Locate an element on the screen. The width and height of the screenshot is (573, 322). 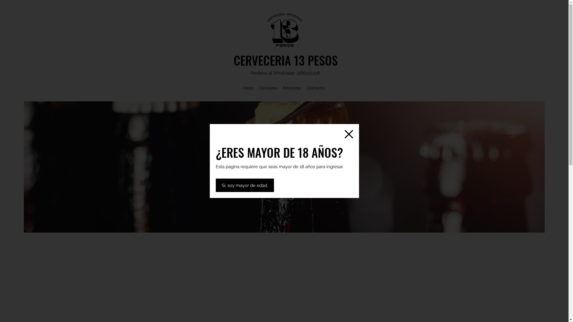
'CERVECERIA 13 PESOS' is located at coordinates (233, 60).